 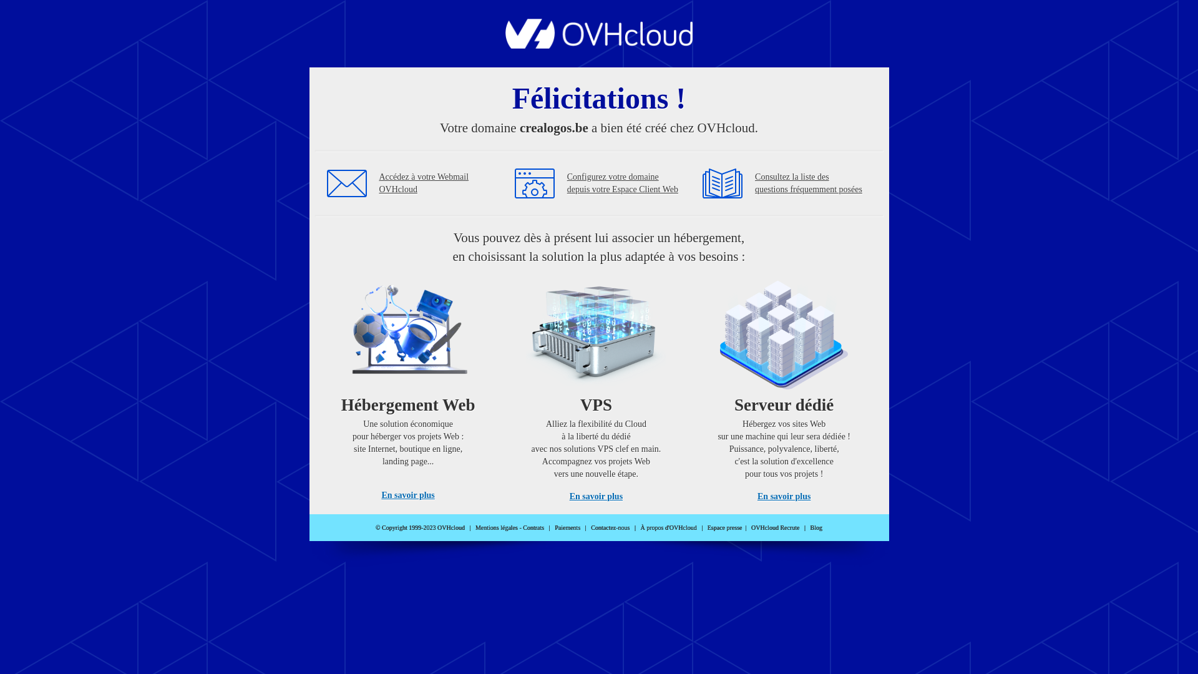 What do you see at coordinates (568, 496) in the screenshot?
I see `'En savoir plus'` at bounding box center [568, 496].